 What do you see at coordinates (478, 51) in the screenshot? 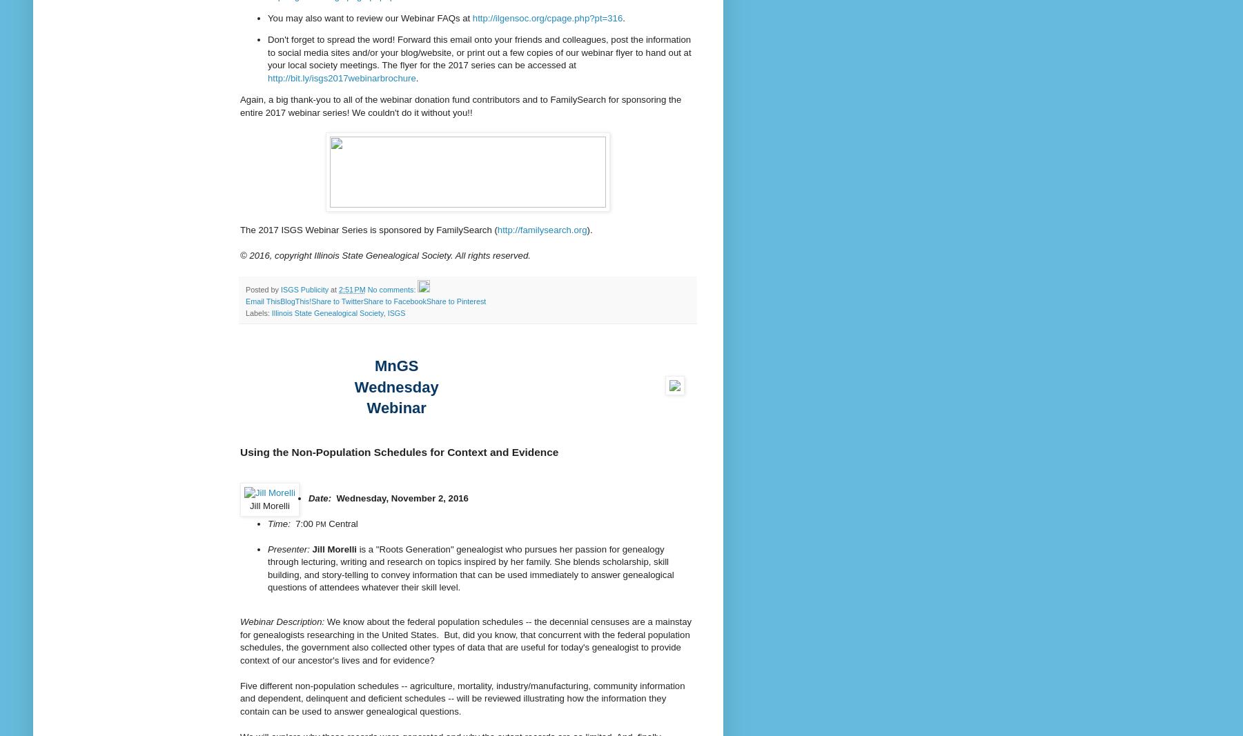
I see `'Don't forget to spread the word! Forward this email onto your friends and colleagues, post the information to social media sites and/or your blog/website, or print out a few copies of our webinar flyer to hand out at your local society meetings. The flyer for the 2017 series can be accessed at'` at bounding box center [478, 51].